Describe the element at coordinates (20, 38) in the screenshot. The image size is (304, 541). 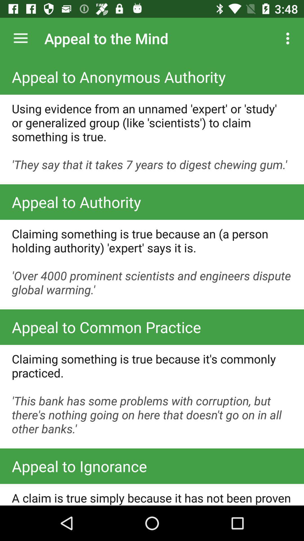
I see `the icon at the top left corner` at that location.